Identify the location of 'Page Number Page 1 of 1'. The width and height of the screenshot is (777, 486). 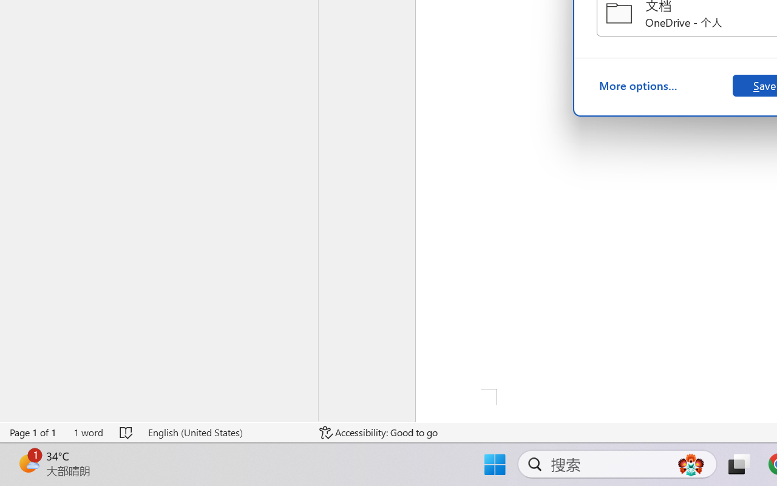
(33, 432).